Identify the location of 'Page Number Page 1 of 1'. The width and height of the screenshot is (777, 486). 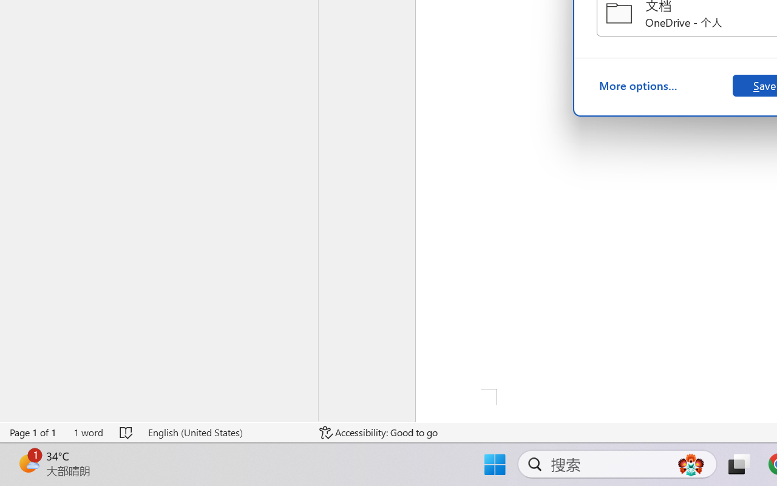
(33, 432).